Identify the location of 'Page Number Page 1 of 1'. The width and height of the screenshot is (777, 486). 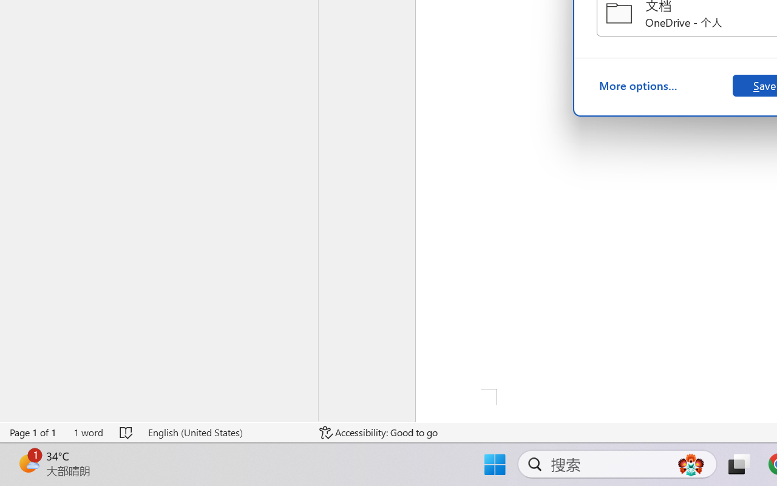
(33, 432).